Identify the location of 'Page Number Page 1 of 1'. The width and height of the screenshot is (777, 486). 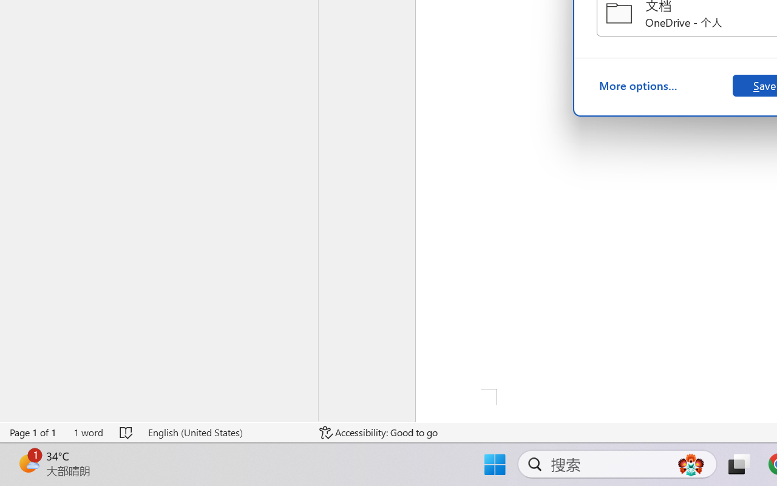
(33, 432).